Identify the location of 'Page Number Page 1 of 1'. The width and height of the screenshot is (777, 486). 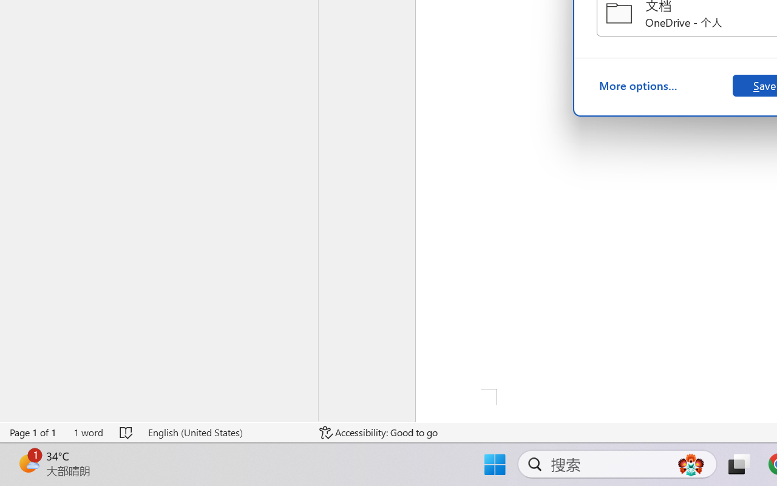
(33, 432).